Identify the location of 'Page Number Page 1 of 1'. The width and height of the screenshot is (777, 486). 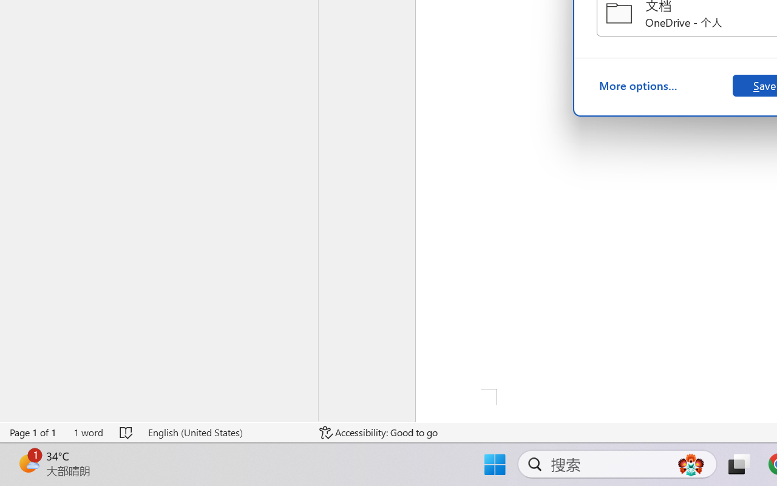
(33, 432).